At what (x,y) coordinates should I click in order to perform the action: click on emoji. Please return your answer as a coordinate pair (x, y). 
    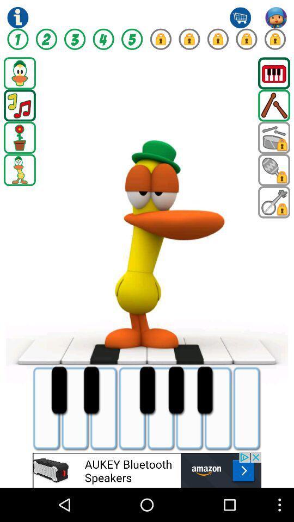
    Looking at the image, I should click on (273, 137).